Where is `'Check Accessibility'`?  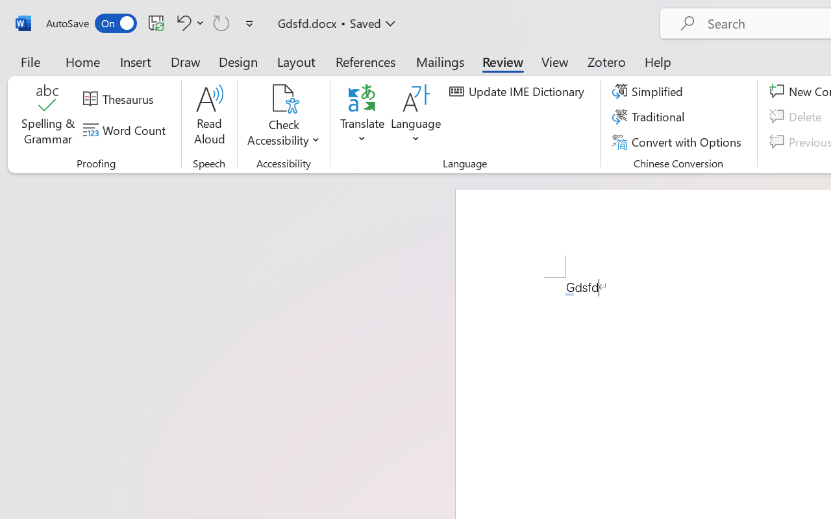 'Check Accessibility' is located at coordinates (283, 116).